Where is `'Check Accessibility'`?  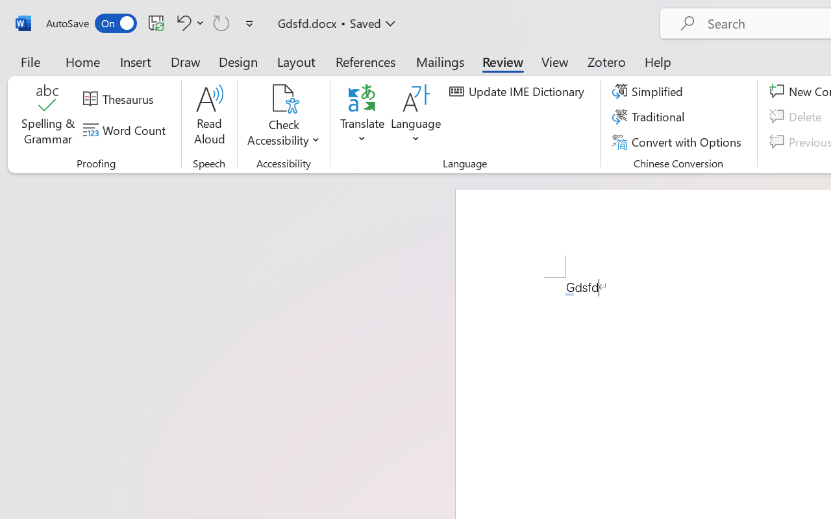 'Check Accessibility' is located at coordinates (283, 116).